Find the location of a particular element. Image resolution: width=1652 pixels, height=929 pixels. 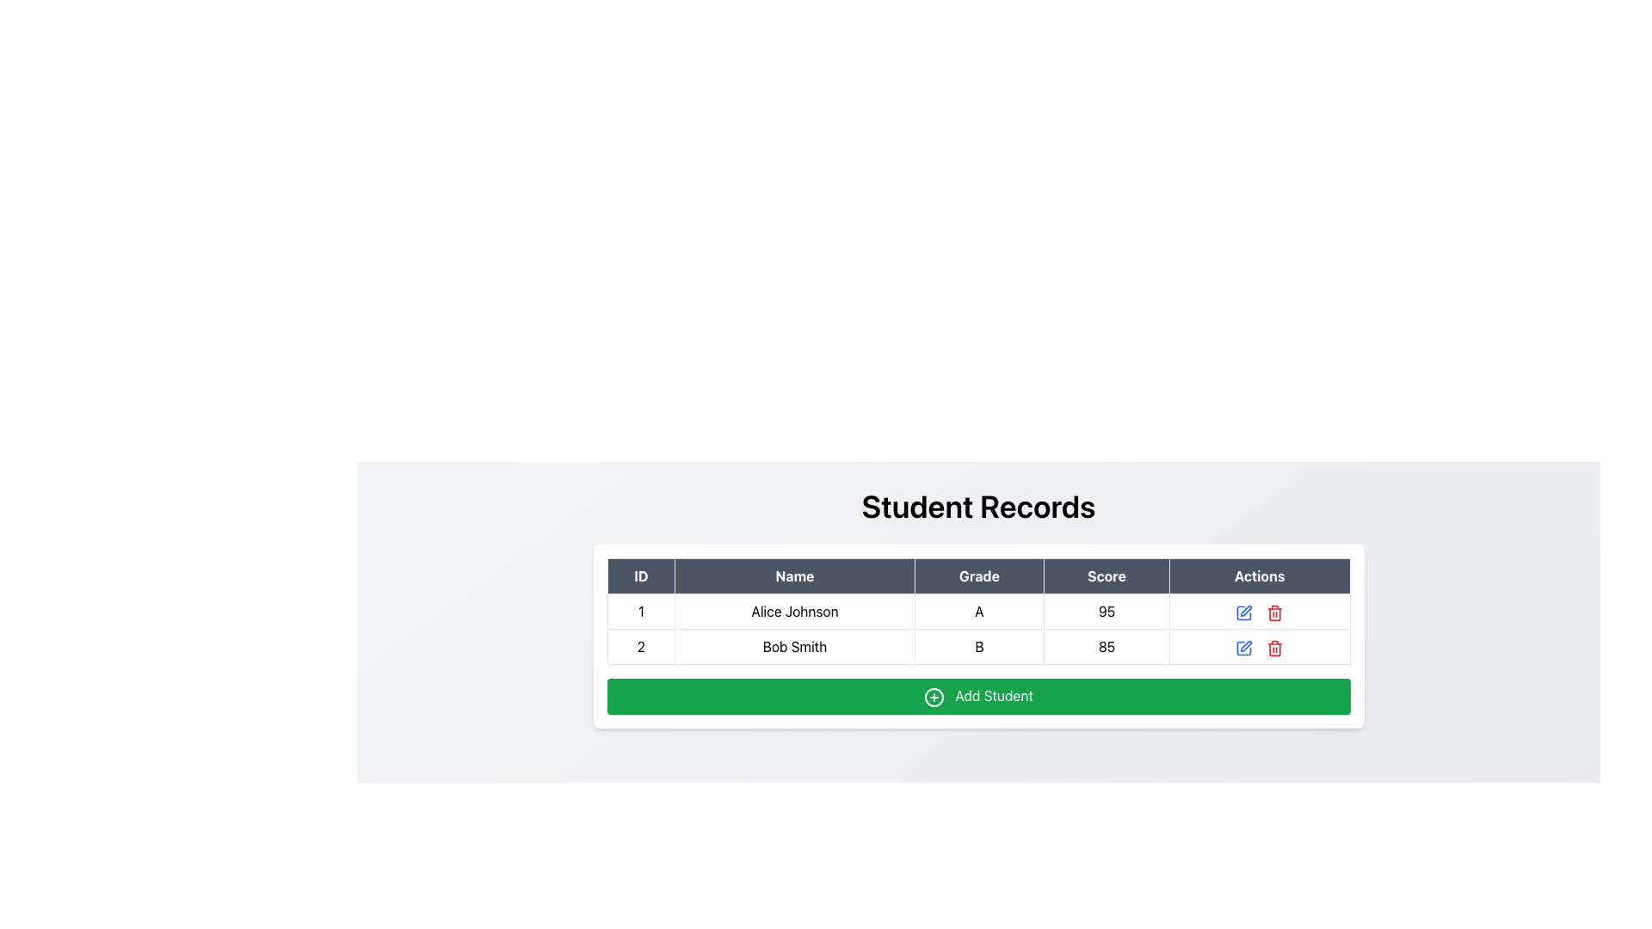

the editing icon in the Actions column of the second row is located at coordinates (1244, 612).